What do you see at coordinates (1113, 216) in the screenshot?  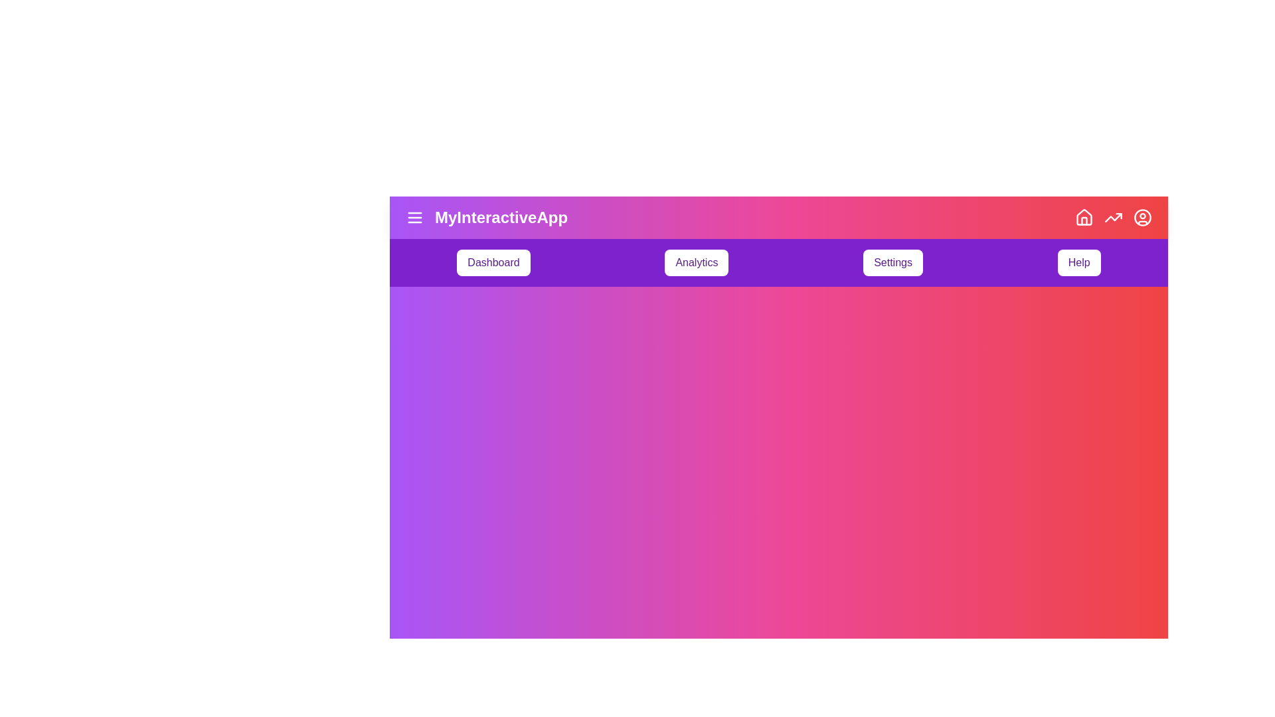 I see `the 'TrendingUp' icon button` at bounding box center [1113, 216].